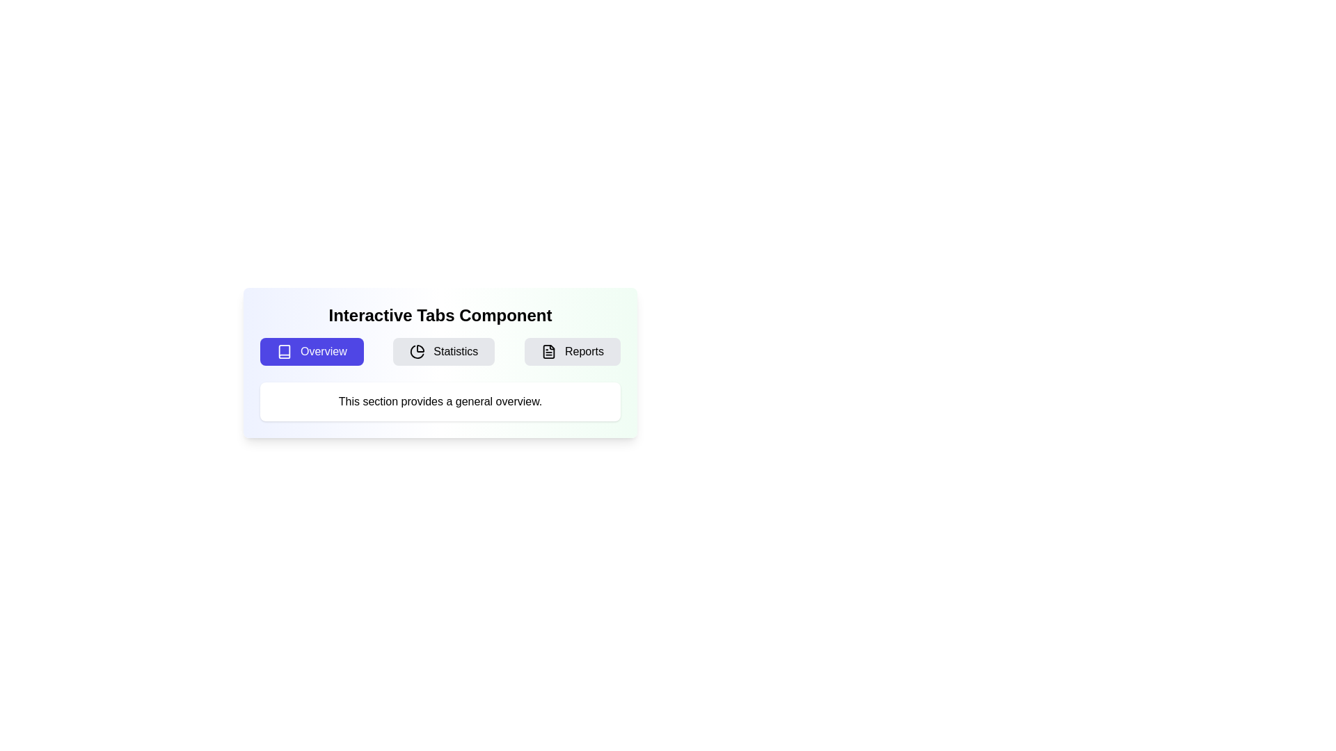 This screenshot has height=751, width=1336. What do you see at coordinates (548, 350) in the screenshot?
I see `the icon representing the 'Reports' tab, which is located on the right-most side of the tab group and to the left of the text label 'Reports'` at bounding box center [548, 350].